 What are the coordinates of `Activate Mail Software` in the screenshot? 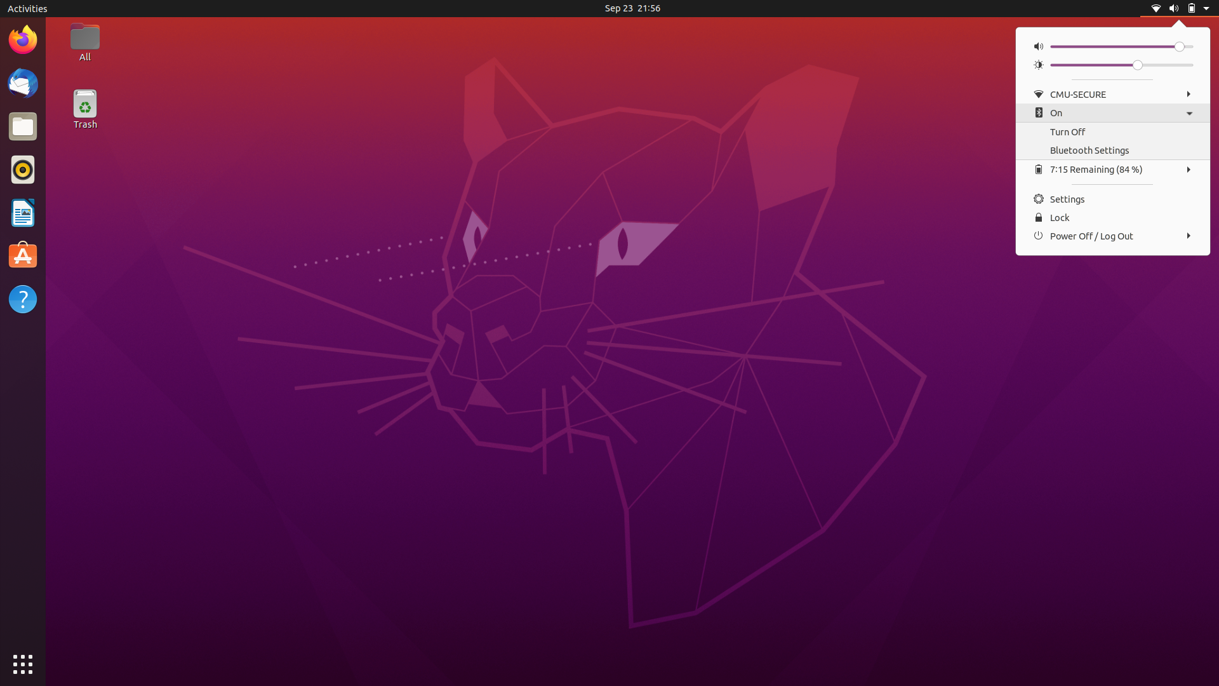 It's located at (22, 83).